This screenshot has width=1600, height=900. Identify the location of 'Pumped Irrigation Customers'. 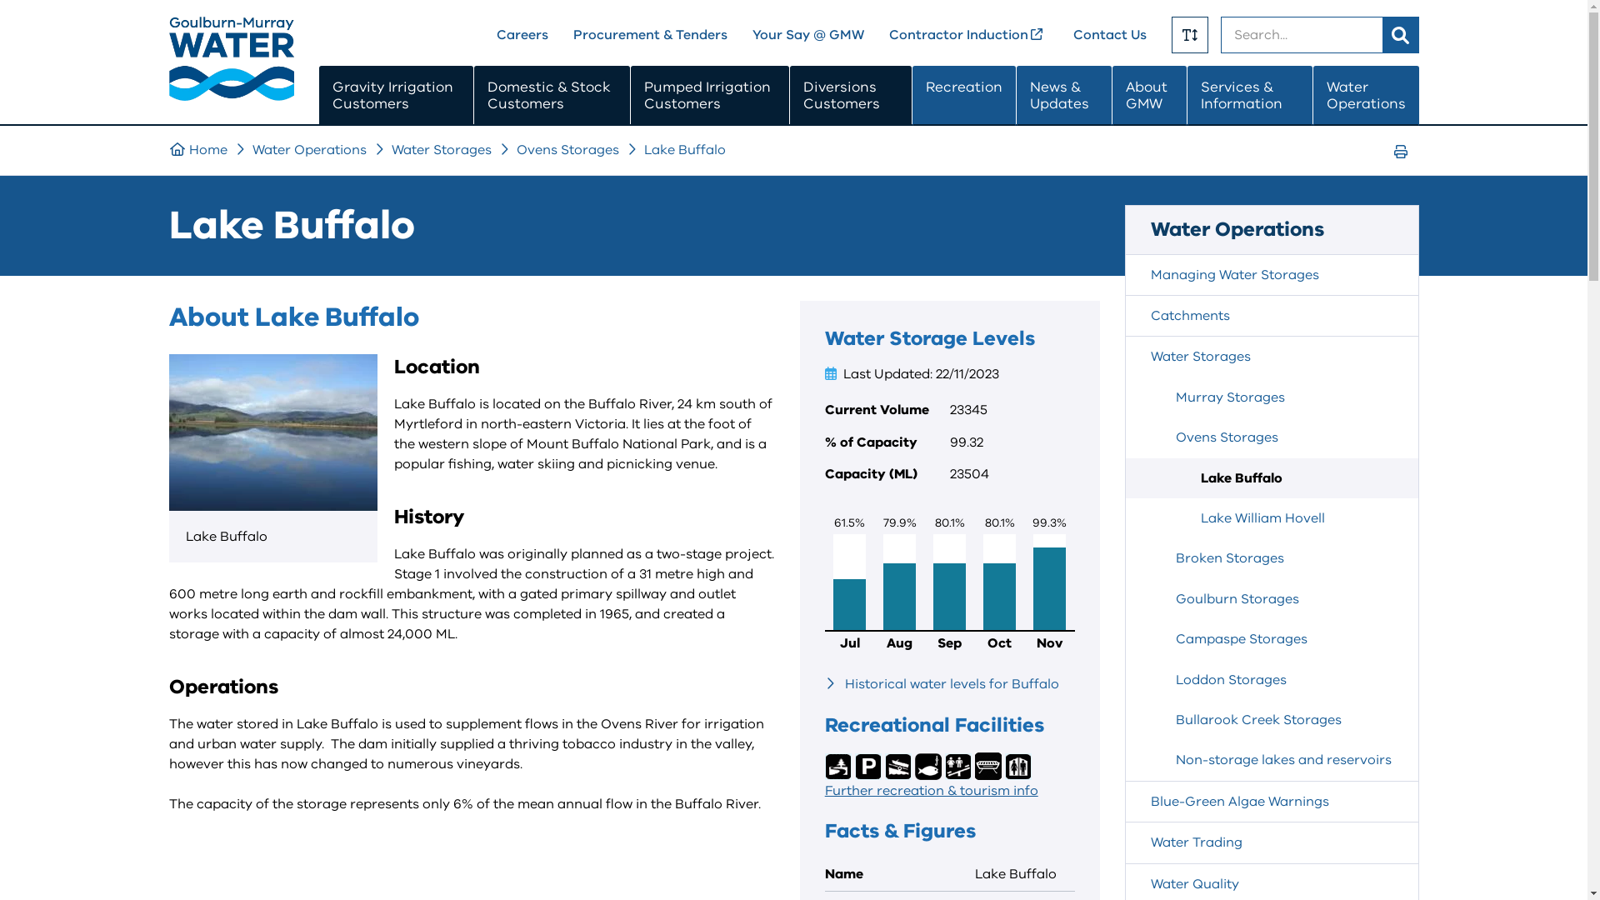
(709, 96).